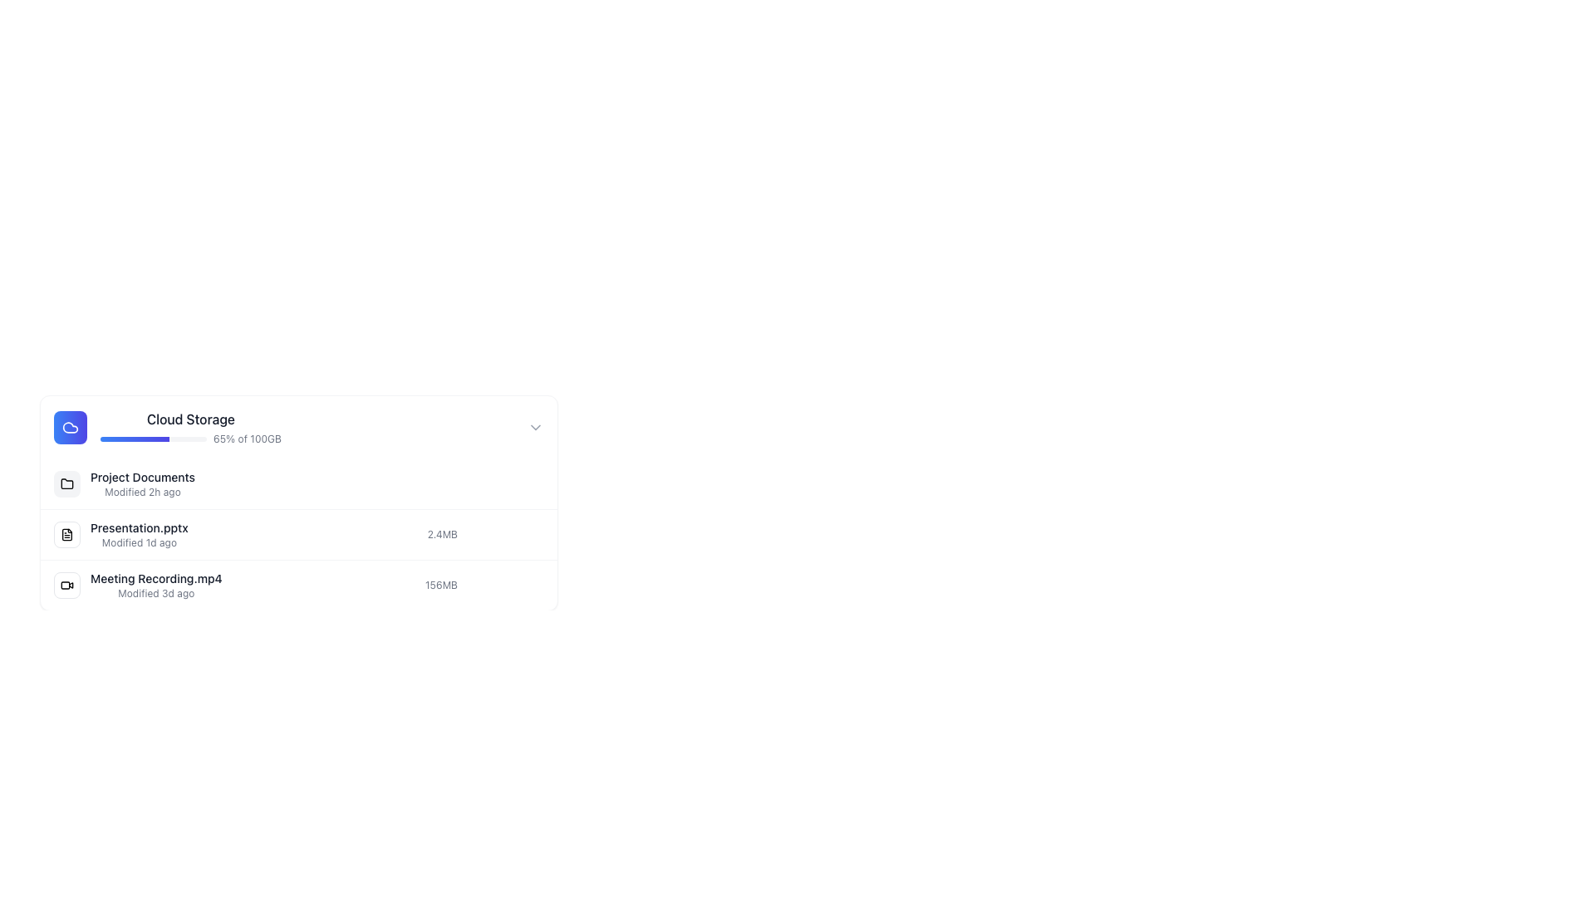  I want to click on the first listed item in the 'Cloud Storage' section, so click(299, 483).